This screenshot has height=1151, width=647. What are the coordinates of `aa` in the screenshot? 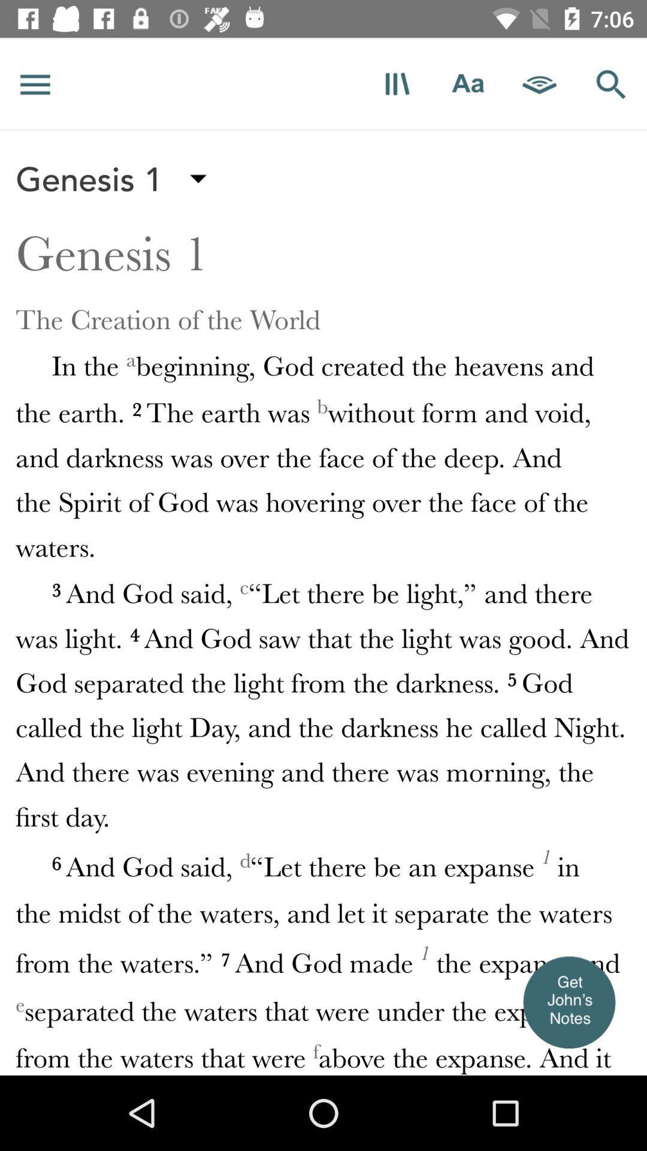 It's located at (467, 83).